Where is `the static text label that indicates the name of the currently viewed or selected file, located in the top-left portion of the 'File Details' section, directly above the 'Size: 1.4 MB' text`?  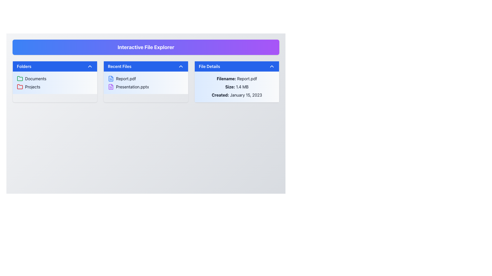 the static text label that indicates the name of the currently viewed or selected file, located in the top-left portion of the 'File Details' section, directly above the 'Size: 1.4 MB' text is located at coordinates (237, 79).